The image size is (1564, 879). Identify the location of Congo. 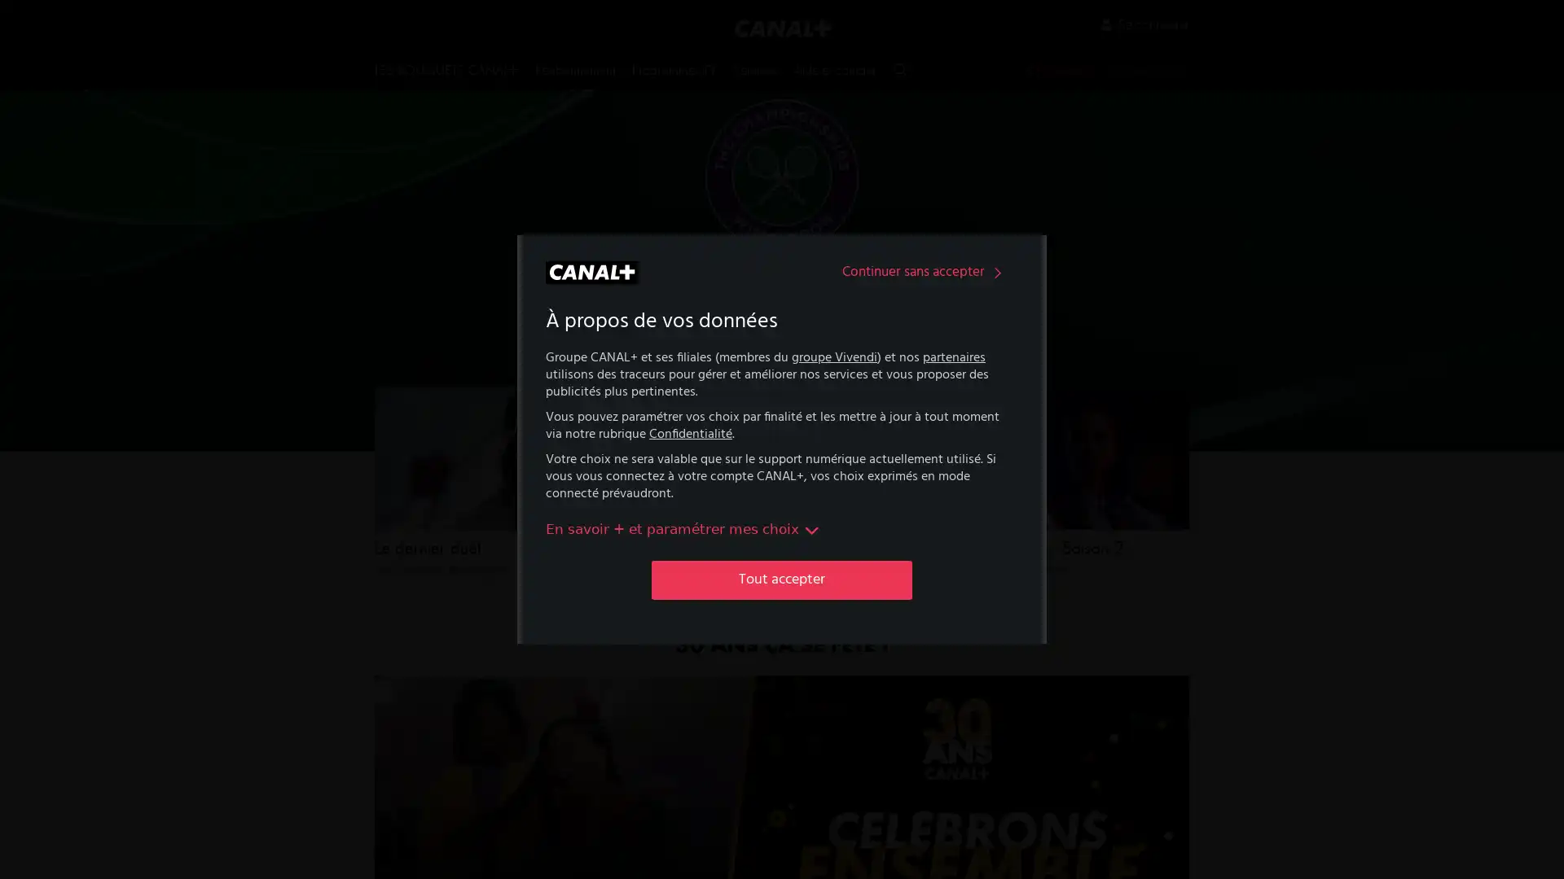
(626, 514).